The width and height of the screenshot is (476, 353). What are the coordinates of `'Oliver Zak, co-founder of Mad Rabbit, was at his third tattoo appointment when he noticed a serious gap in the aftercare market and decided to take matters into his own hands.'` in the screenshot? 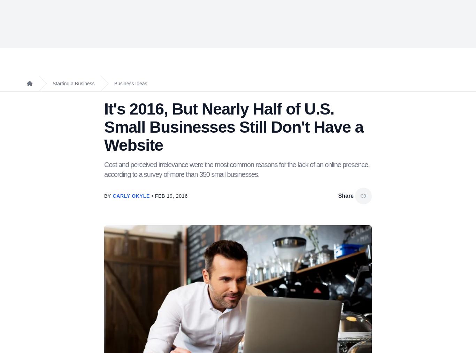 It's located at (212, 183).